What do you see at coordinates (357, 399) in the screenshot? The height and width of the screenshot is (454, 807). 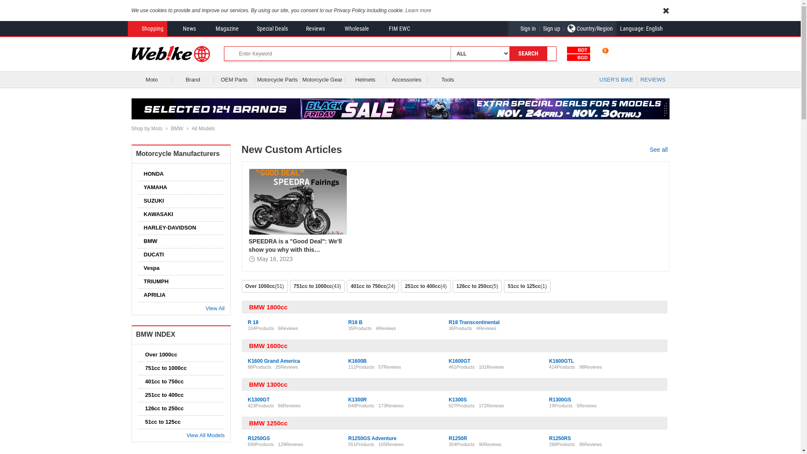 I see `'K1300R'` at bounding box center [357, 399].